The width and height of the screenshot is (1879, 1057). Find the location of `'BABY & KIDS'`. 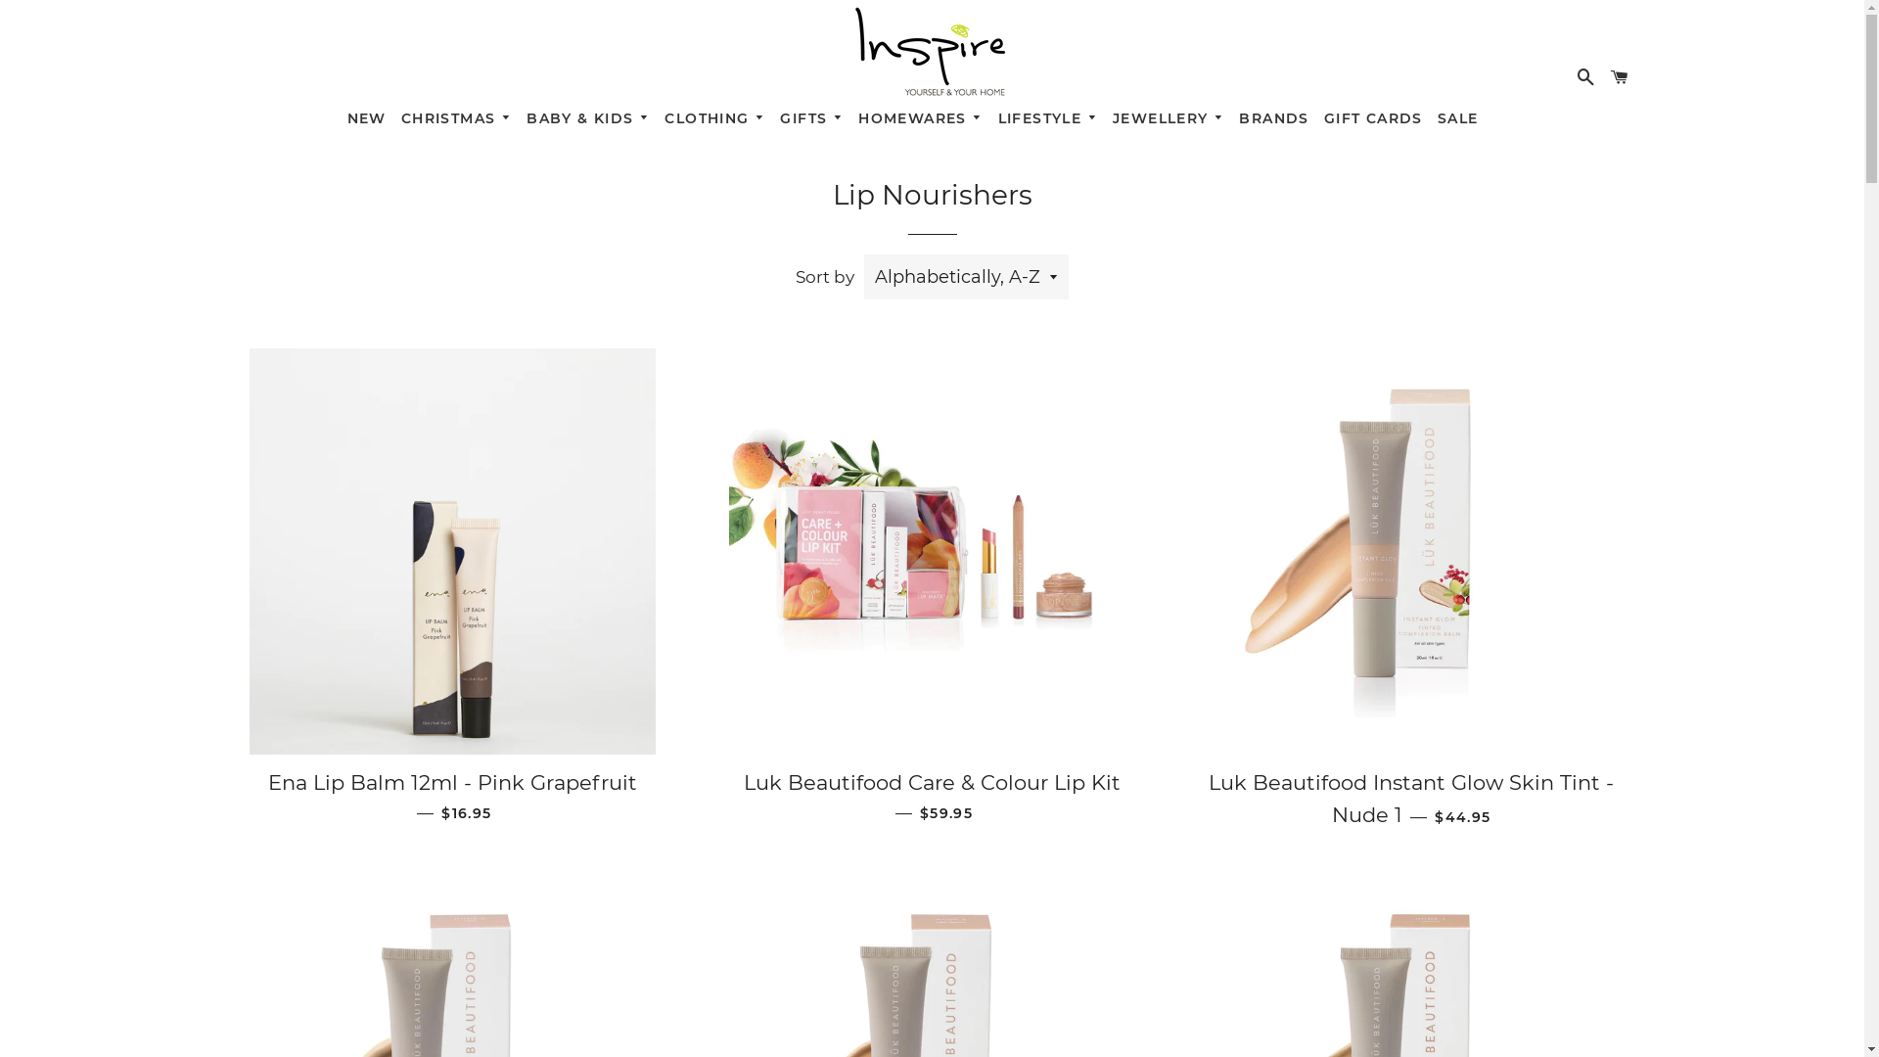

'BABY & KIDS' is located at coordinates (520, 115).